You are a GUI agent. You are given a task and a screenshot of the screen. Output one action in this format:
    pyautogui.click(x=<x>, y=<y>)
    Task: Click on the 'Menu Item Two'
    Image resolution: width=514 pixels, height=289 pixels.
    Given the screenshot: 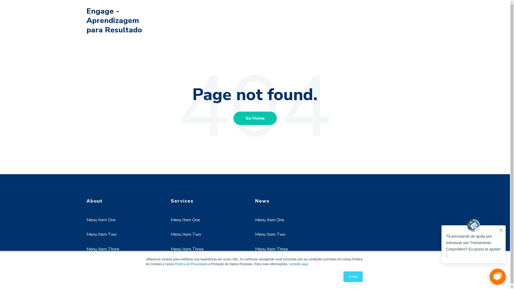 What is the action you would take?
    pyautogui.click(x=86, y=234)
    